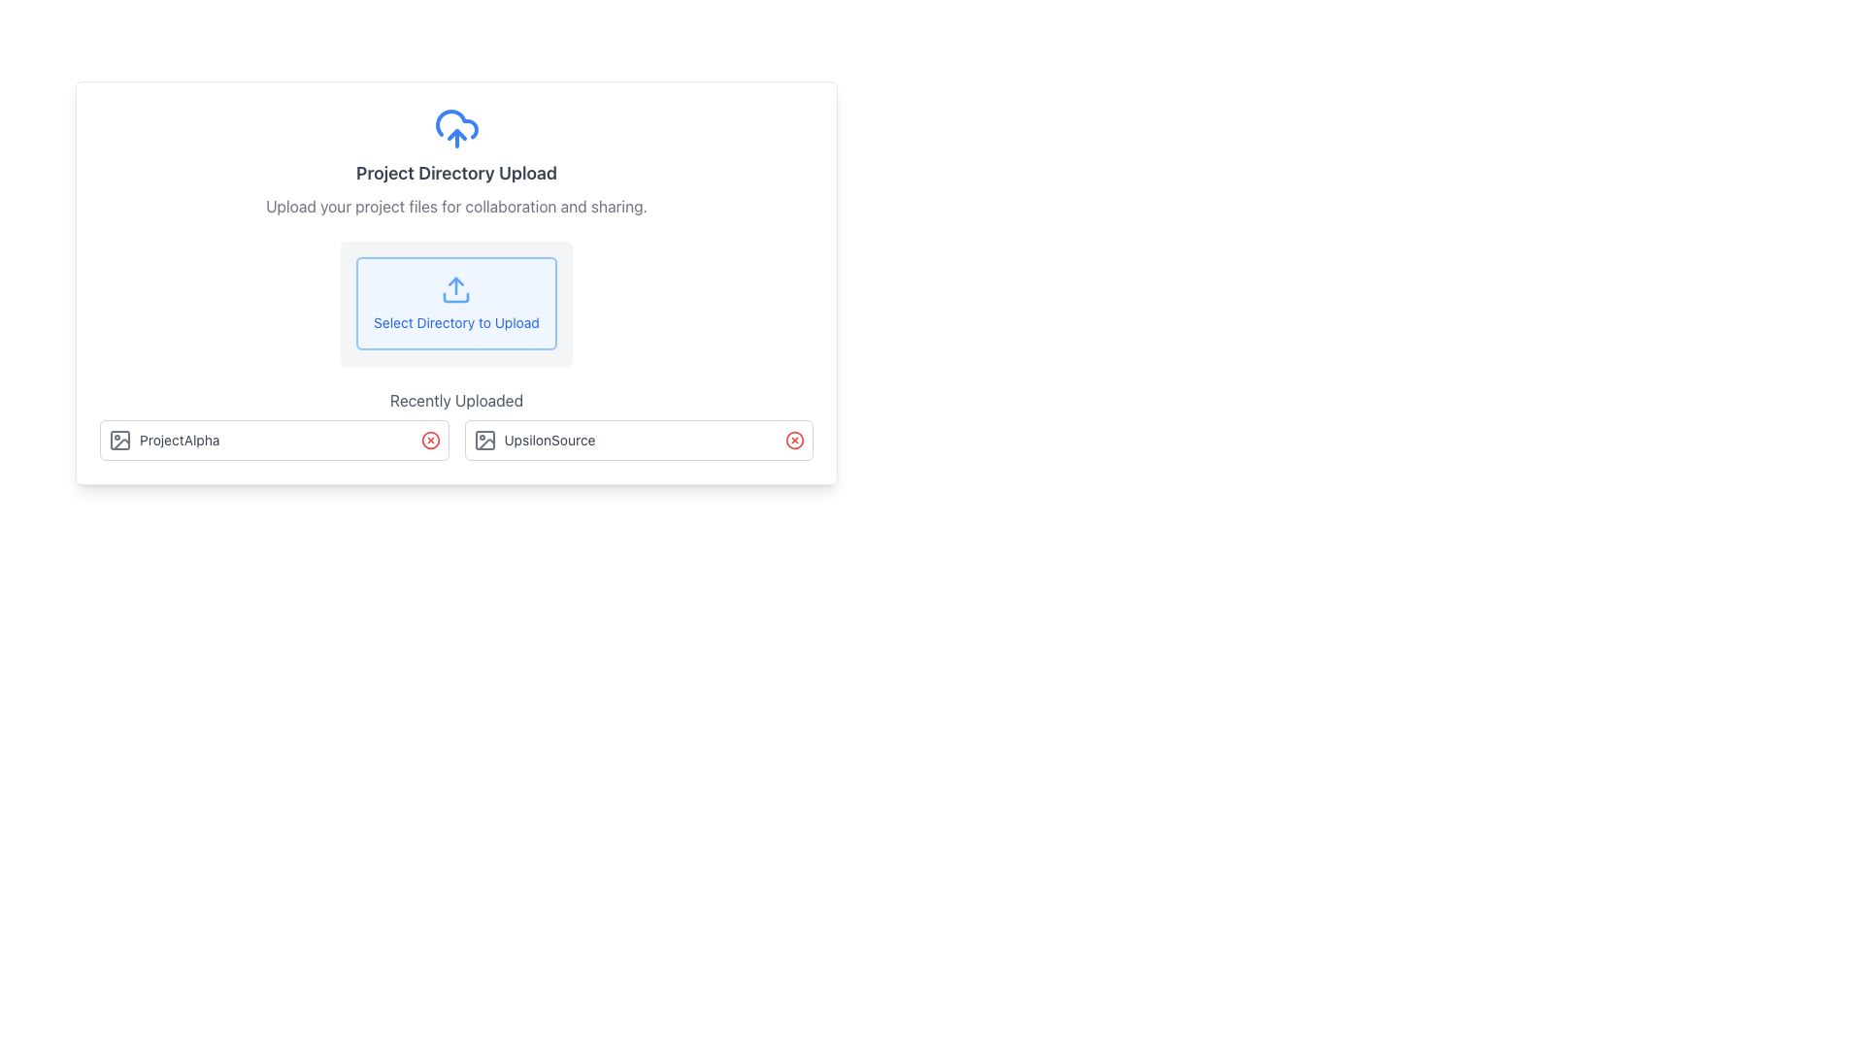  I want to click on the button labeled 'Select Directory to Upload' with an upload icon above it, so click(455, 283).